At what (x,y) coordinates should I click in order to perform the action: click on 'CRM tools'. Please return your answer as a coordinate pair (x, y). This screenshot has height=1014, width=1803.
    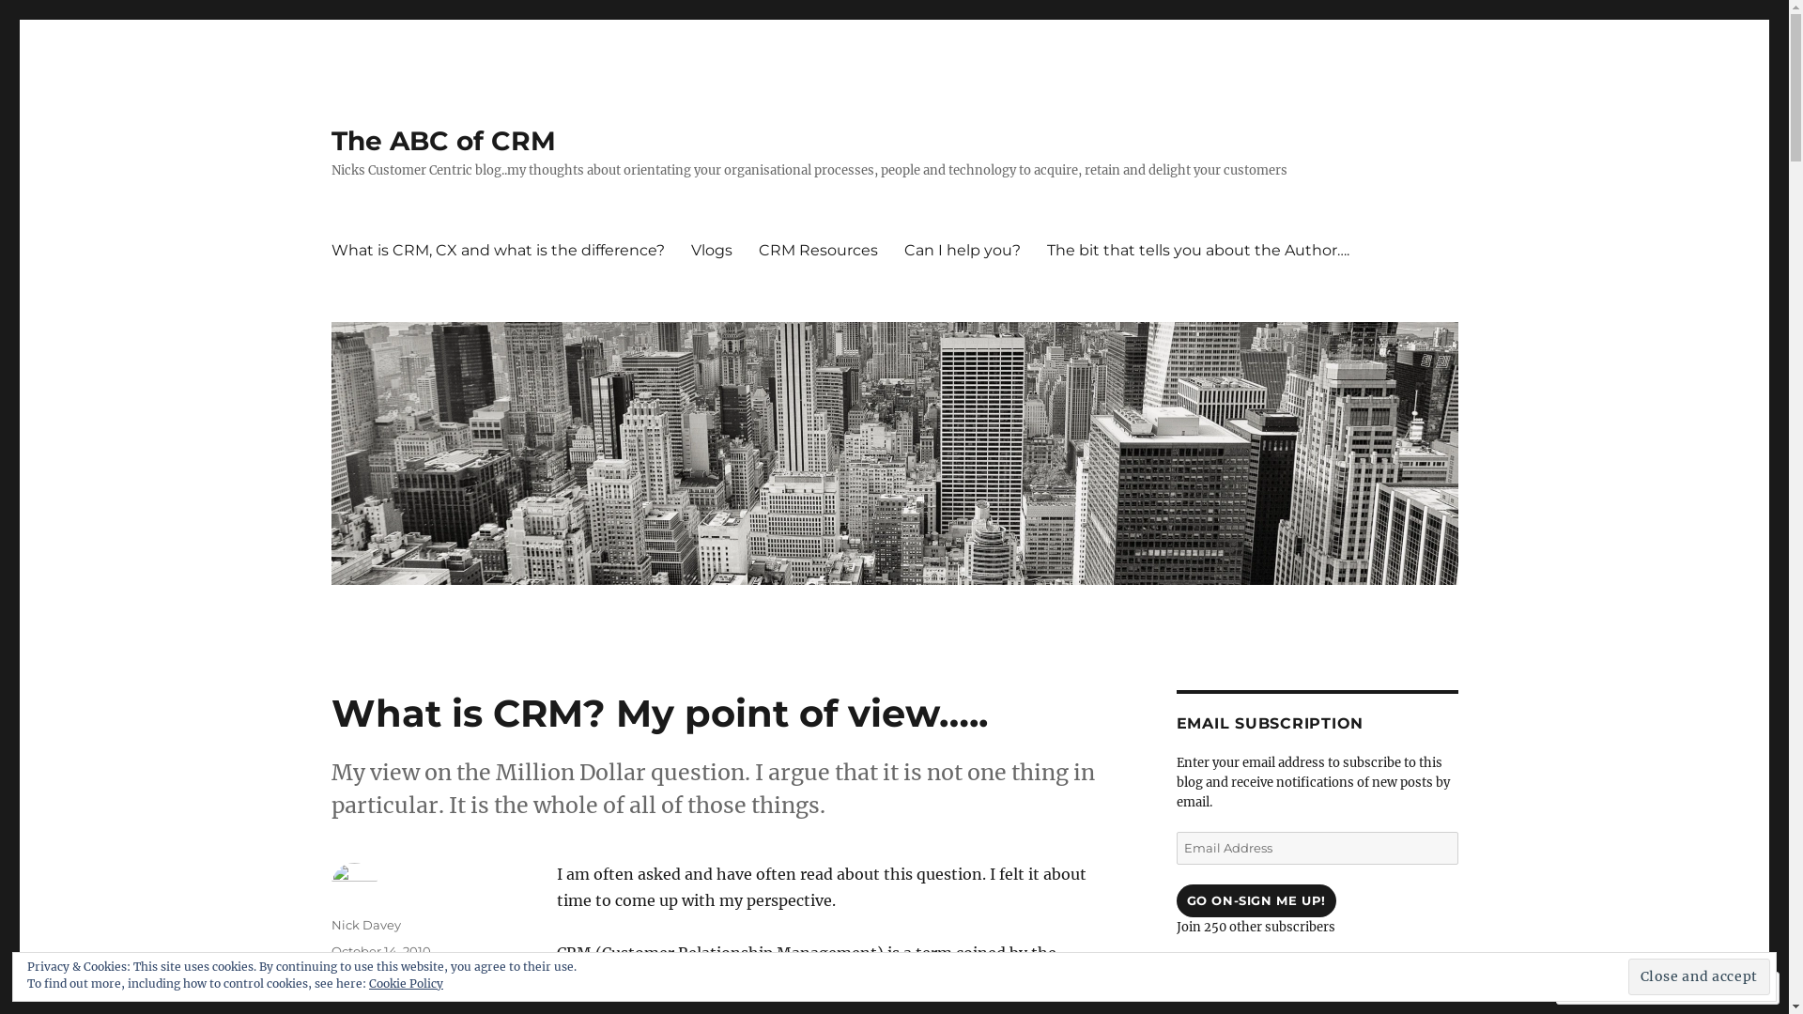
    Looking at the image, I should click on (435, 976).